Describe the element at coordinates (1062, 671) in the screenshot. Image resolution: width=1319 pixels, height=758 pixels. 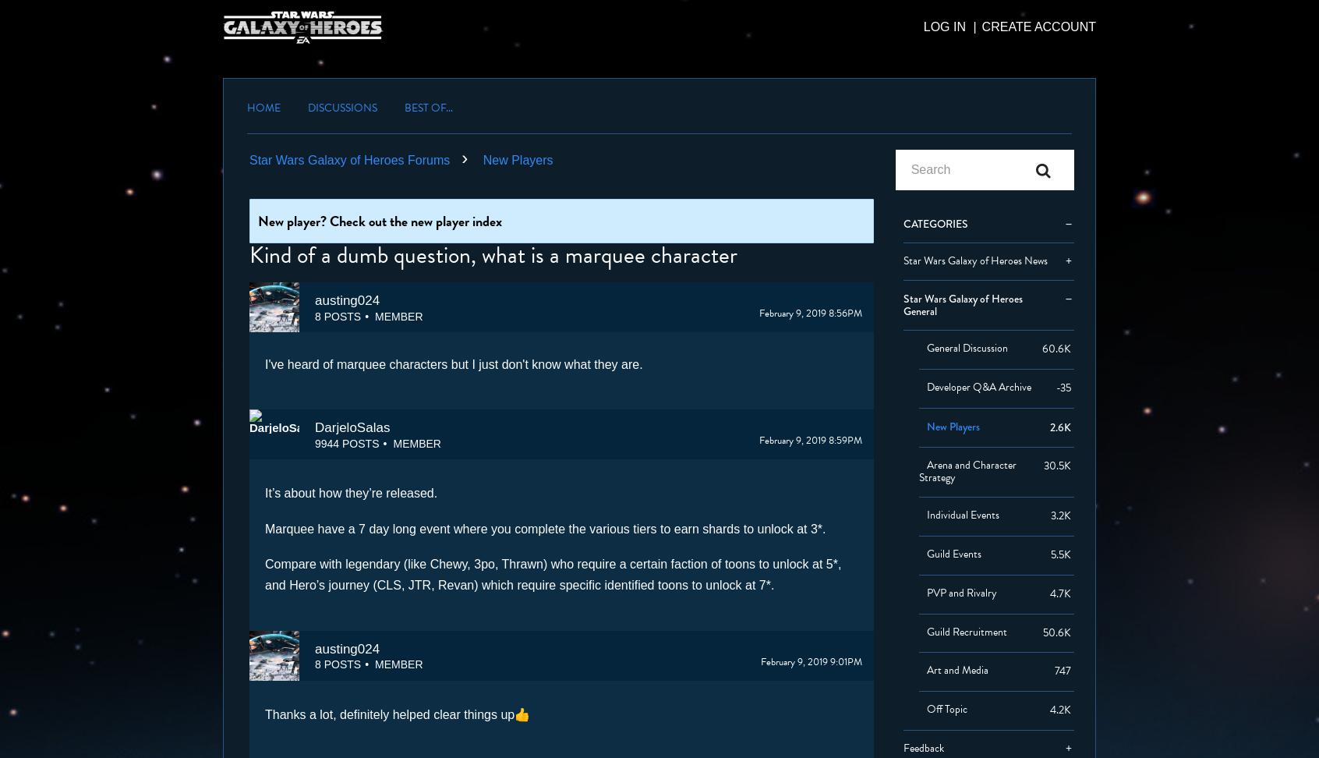
I see `'747'` at that location.